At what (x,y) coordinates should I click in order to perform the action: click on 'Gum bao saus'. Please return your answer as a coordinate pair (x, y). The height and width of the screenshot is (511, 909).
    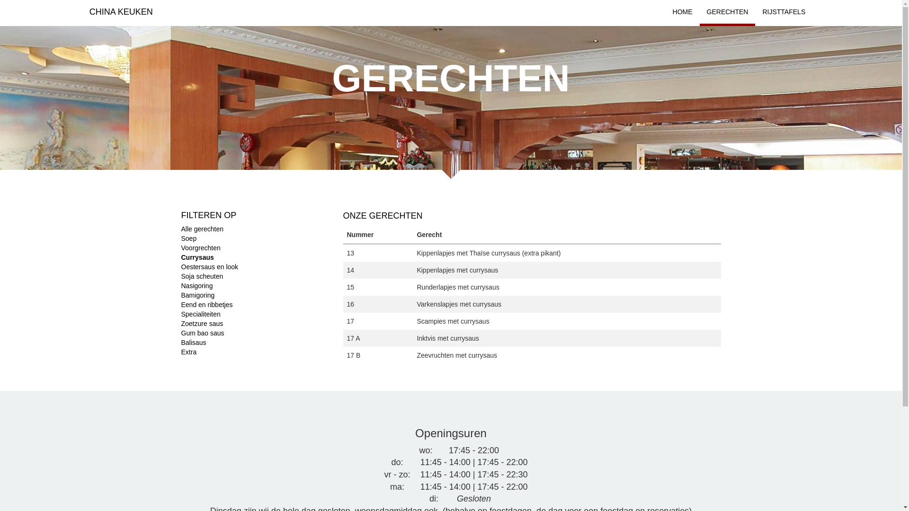
    Looking at the image, I should click on (202, 333).